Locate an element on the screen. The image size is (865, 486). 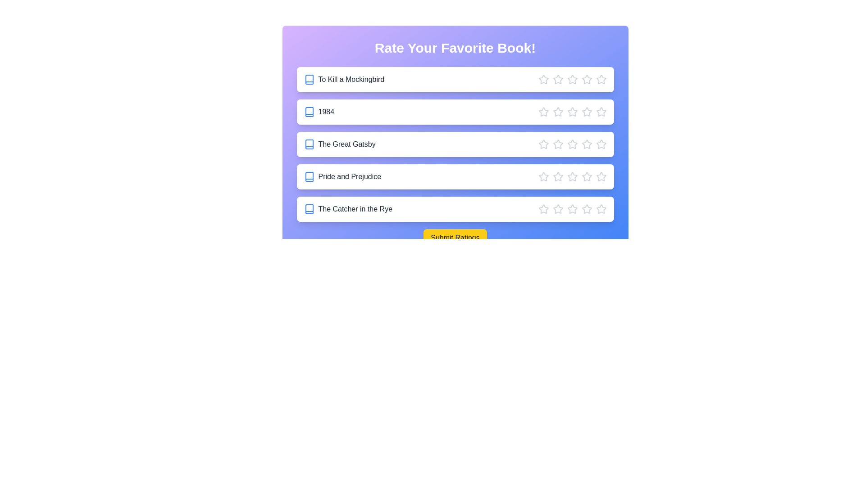
the star corresponding to 5 stars for the book 'The Great Gatsby' is located at coordinates (601, 144).